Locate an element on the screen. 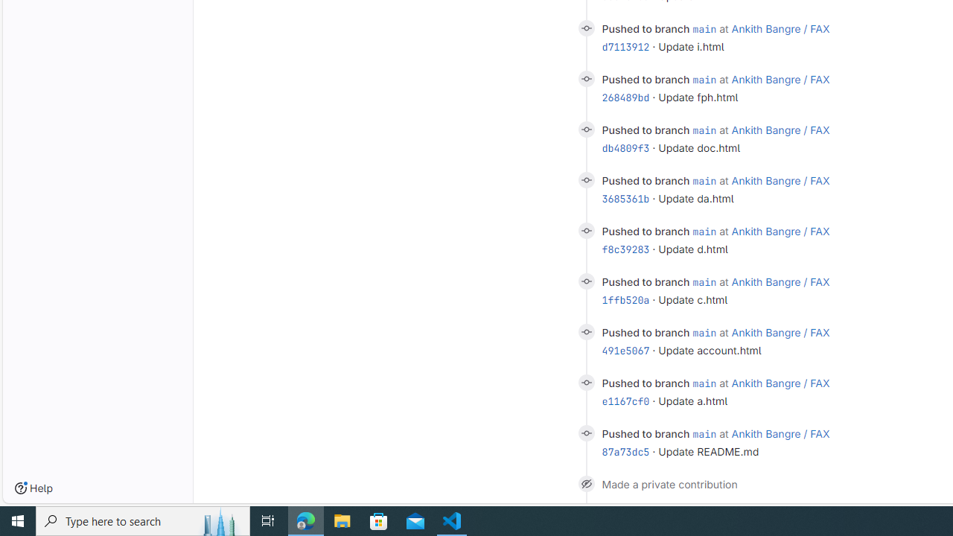 The width and height of the screenshot is (953, 536). '1ffb520a' is located at coordinates (625, 299).